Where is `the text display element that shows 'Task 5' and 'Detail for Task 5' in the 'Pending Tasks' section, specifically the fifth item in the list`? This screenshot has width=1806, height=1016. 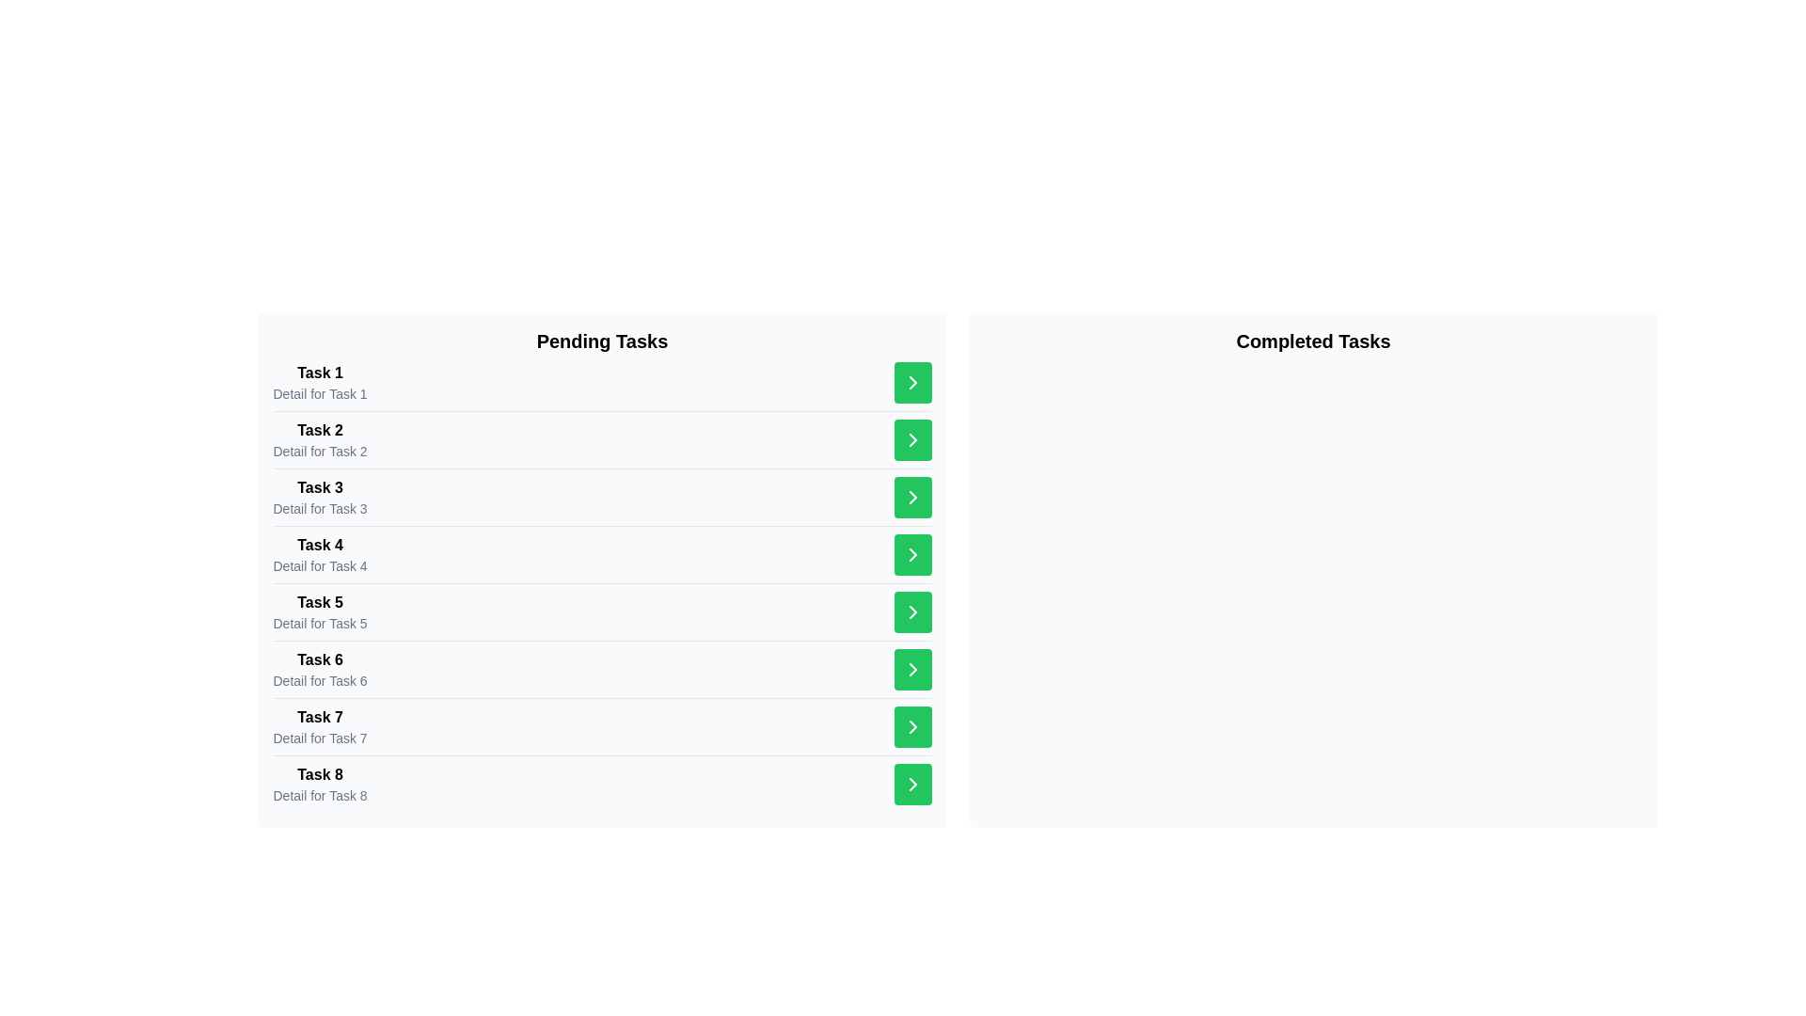 the text display element that shows 'Task 5' and 'Detail for Task 5' in the 'Pending Tasks' section, specifically the fifth item in the list is located at coordinates (320, 612).